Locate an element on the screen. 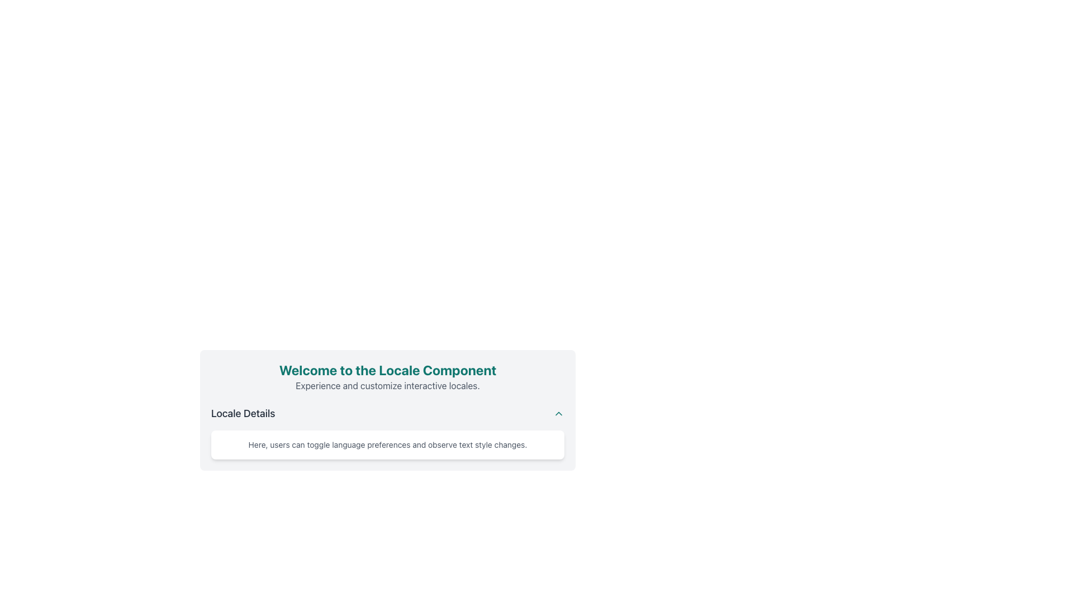 Image resolution: width=1073 pixels, height=603 pixels. the Static text label that describes the functionality of language toggling and visual changes, located in the 'Locale Details' subsection beneath the 'Welcome to the Locale Component' header is located at coordinates (388, 444).